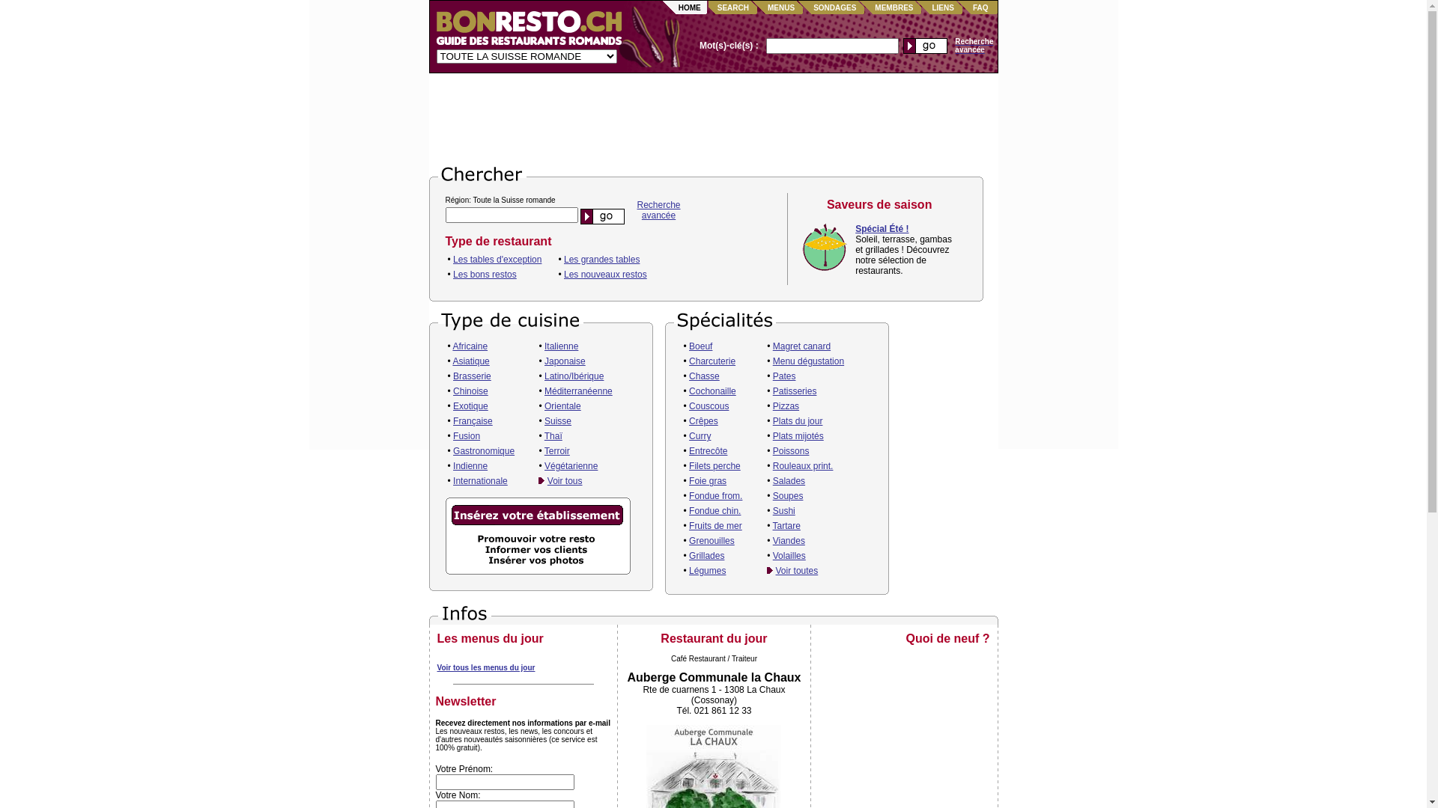  Describe the element at coordinates (773, 481) in the screenshot. I see `'Salades'` at that location.